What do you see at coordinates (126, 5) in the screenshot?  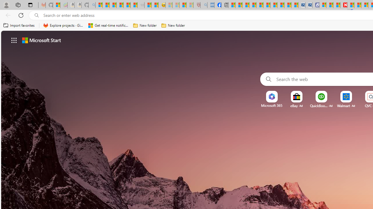 I see `'New Report Confirms 2023 Was Record Hot | Watch'` at bounding box center [126, 5].